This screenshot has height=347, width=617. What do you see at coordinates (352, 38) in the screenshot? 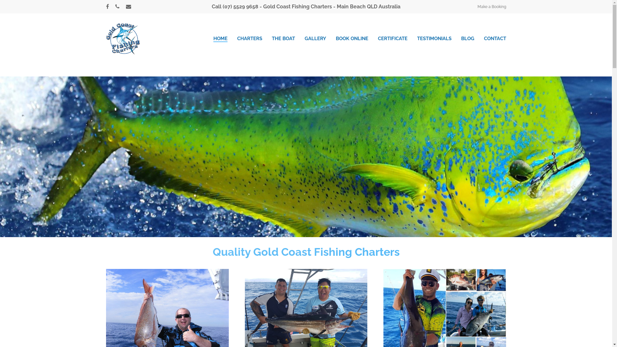
I see `'BOOK ONLINE'` at bounding box center [352, 38].